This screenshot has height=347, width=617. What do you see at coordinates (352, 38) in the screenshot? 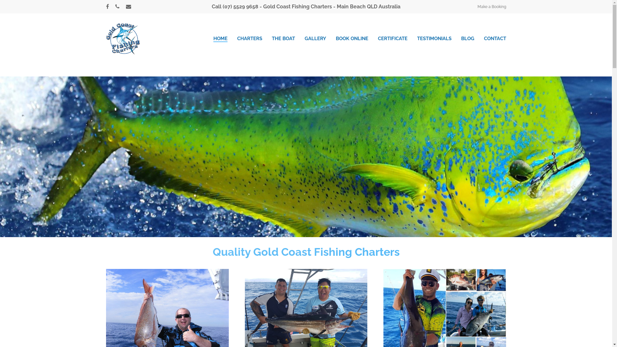
I see `'BOOK ONLINE'` at bounding box center [352, 38].